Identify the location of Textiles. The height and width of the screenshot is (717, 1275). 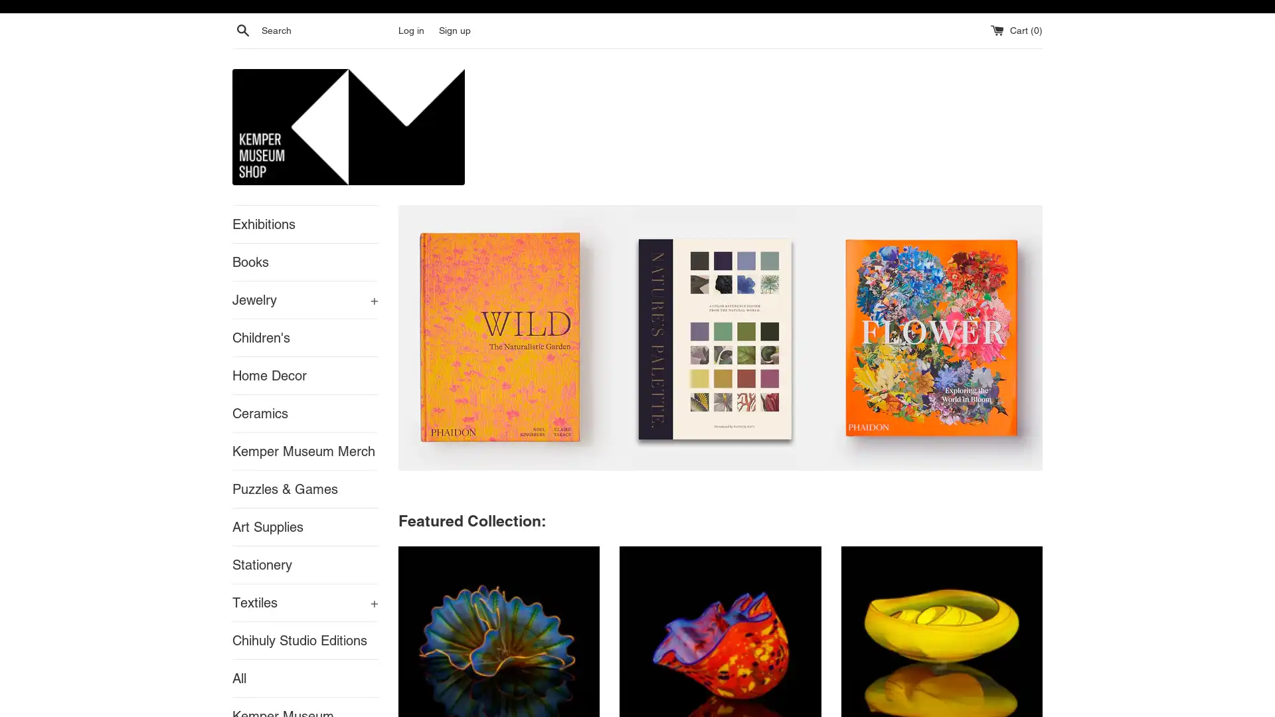
(305, 601).